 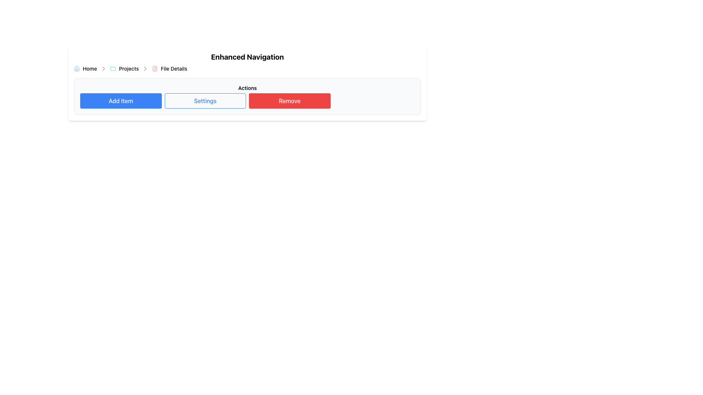 I want to click on text label with the word 'Actions' that is styled in bold and centrally aligned within its light gray bordered box at the top of the section, so click(x=248, y=87).